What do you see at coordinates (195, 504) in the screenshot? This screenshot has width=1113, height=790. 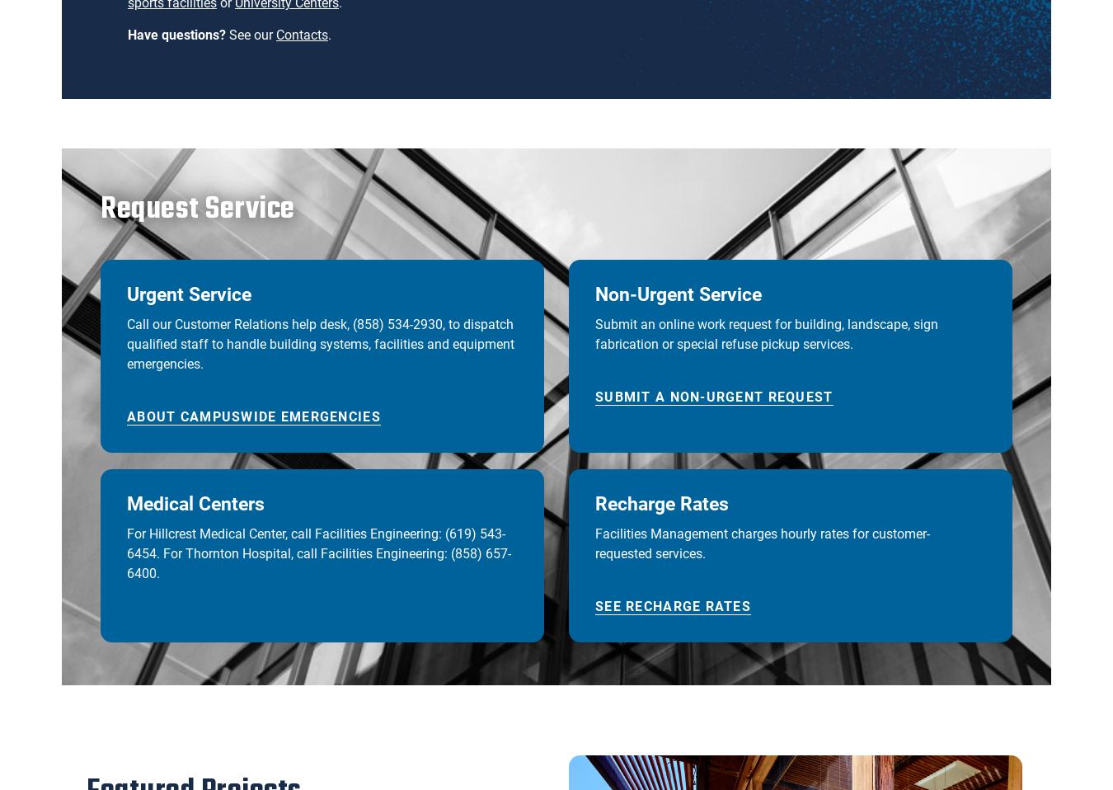 I see `'Medical Centers'` at bounding box center [195, 504].